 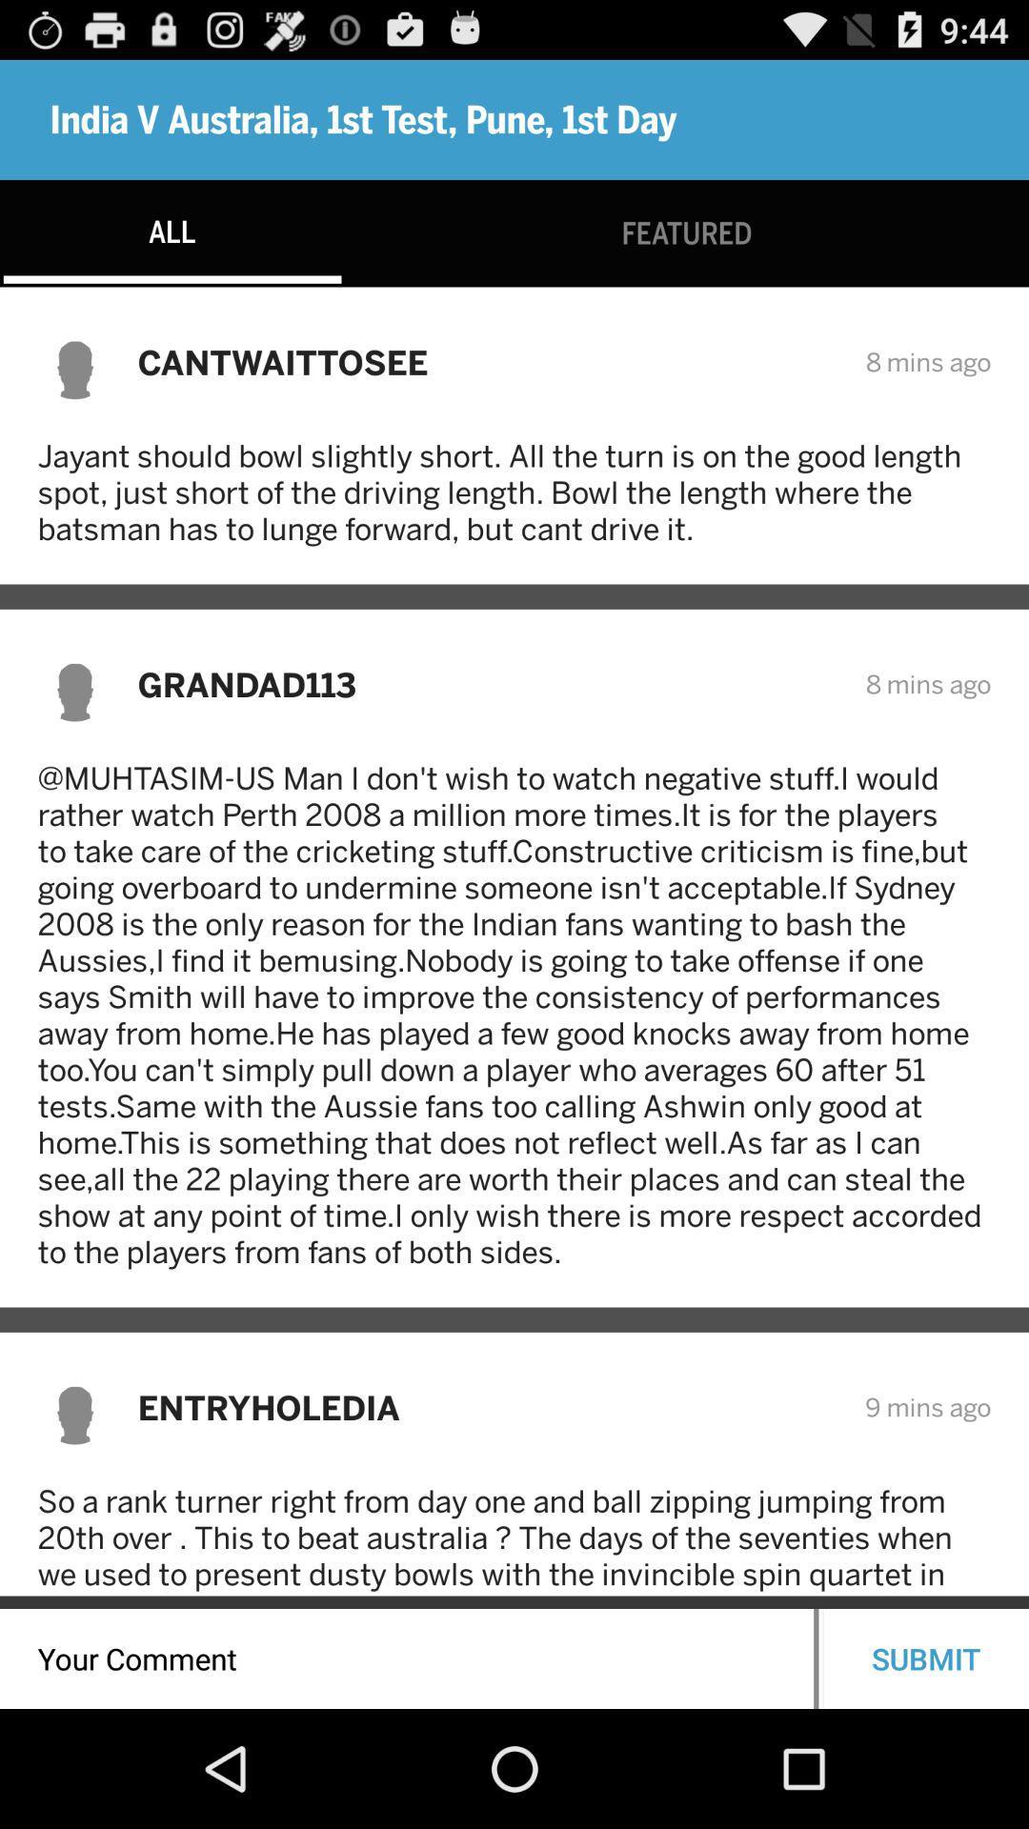 I want to click on comment field, so click(x=406, y=1658).